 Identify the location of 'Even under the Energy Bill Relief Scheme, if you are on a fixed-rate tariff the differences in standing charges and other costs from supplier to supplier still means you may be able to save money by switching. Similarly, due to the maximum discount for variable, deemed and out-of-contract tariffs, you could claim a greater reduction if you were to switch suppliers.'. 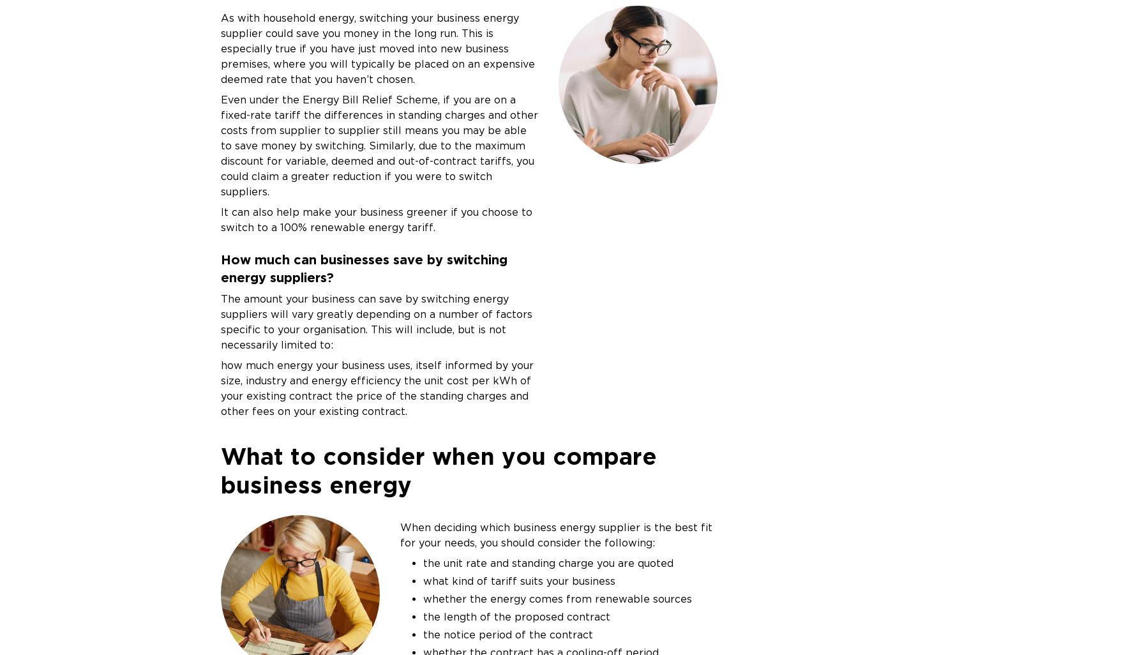
(379, 145).